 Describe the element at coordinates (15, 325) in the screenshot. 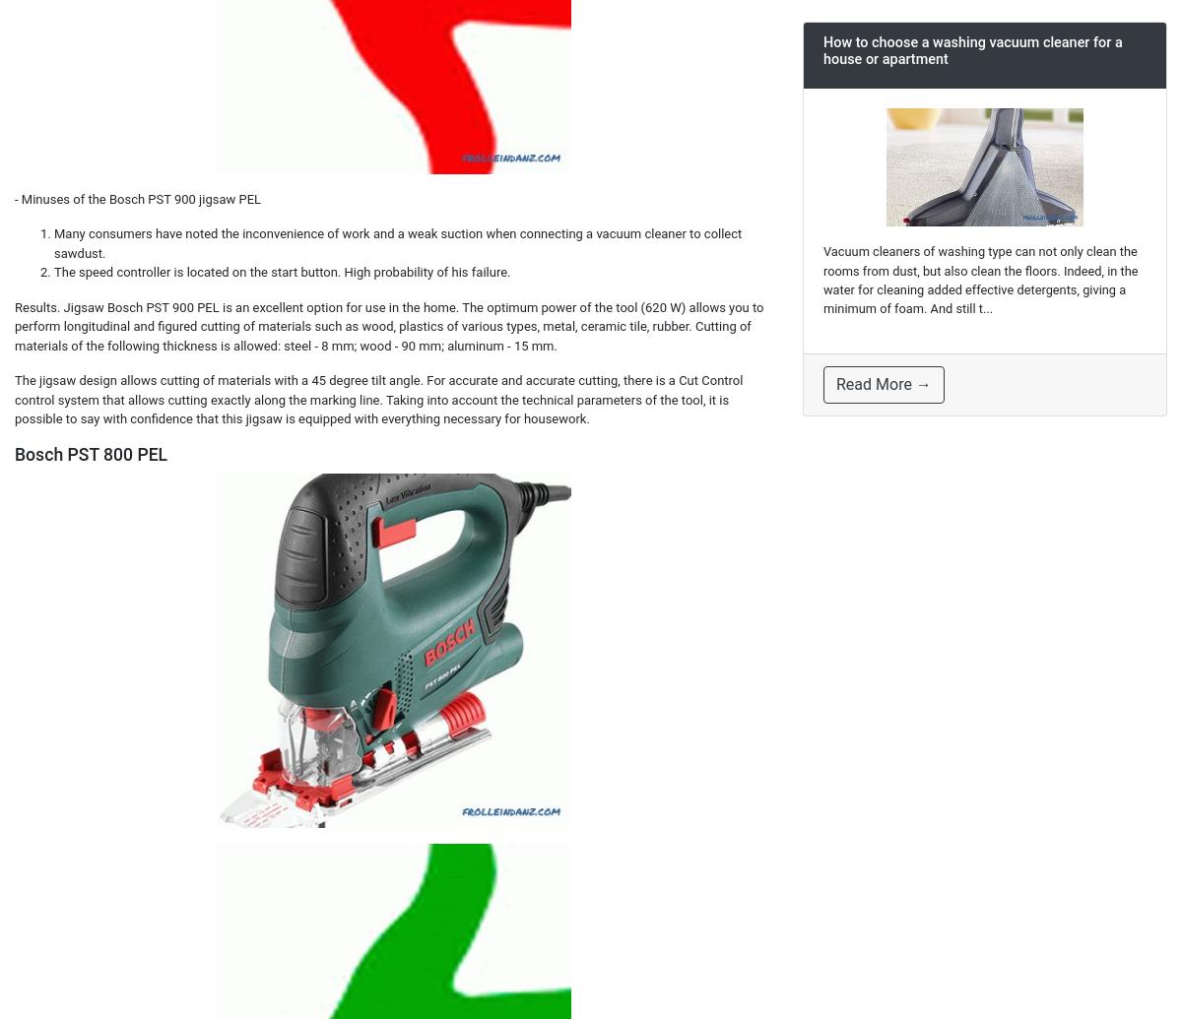

I see `'Results. Jigsaw Bosch PST 900 PEL is an excellent option for use in the home. The optimum power of the tool (620 W) allows you to perform longitudinal and figured cutting of materials such as wood, plastics of various types, metal, ceramic tile, rubber. Cutting of materials of the following thickness is allowed: steel - 8 mm; wood - 90 mm; aluminum - 15 mm.'` at that location.